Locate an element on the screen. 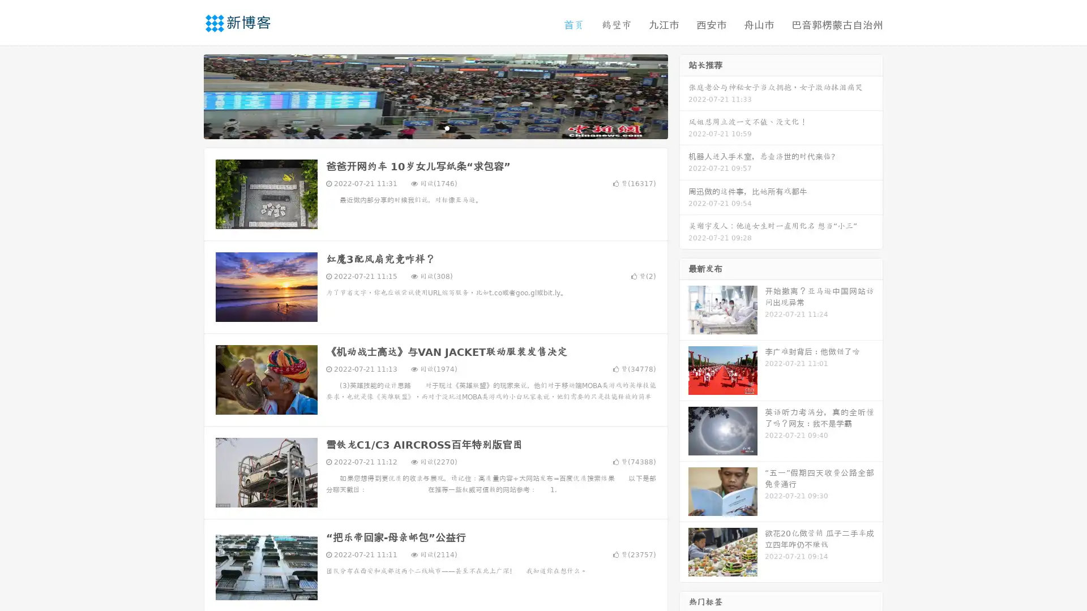 This screenshot has height=611, width=1087. Previous slide is located at coordinates (187, 95).